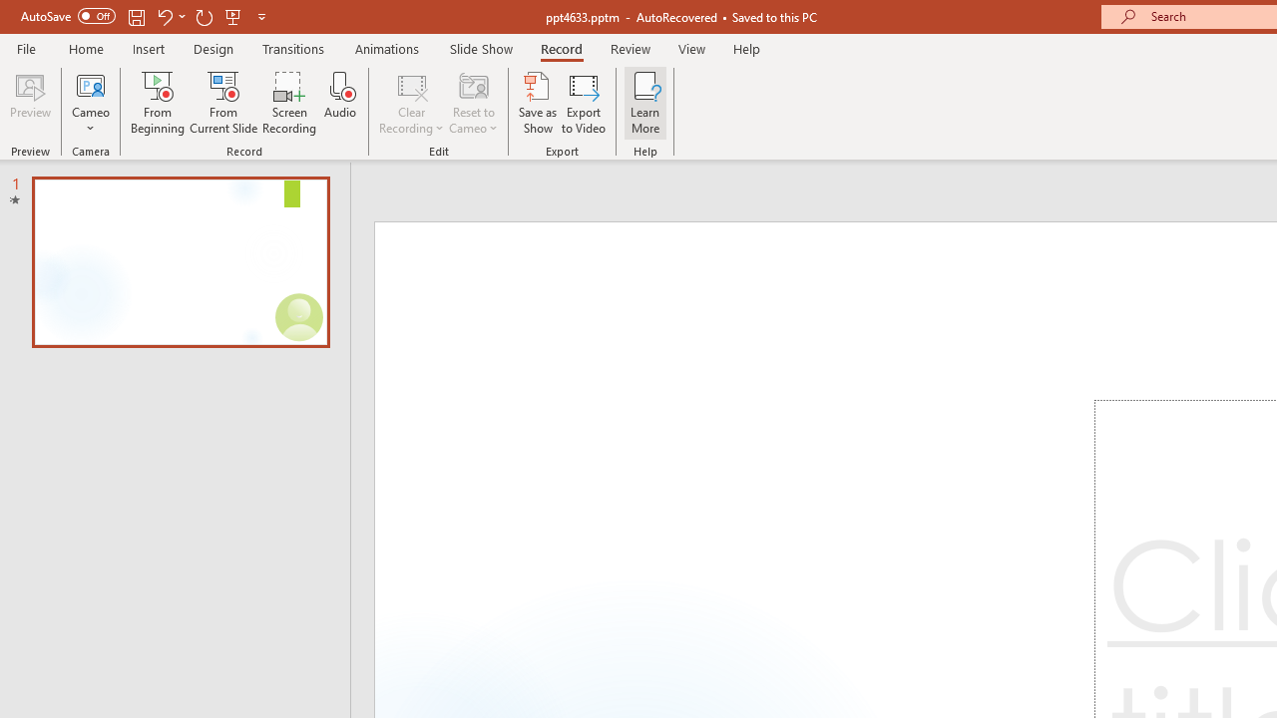  What do you see at coordinates (645, 103) in the screenshot?
I see `'Learn More'` at bounding box center [645, 103].